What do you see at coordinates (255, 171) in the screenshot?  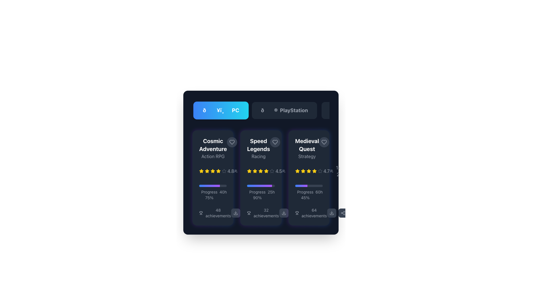 I see `the yellow star-shaped icon used for rating, located in the second card of three, positioned centrally under the card title` at bounding box center [255, 171].